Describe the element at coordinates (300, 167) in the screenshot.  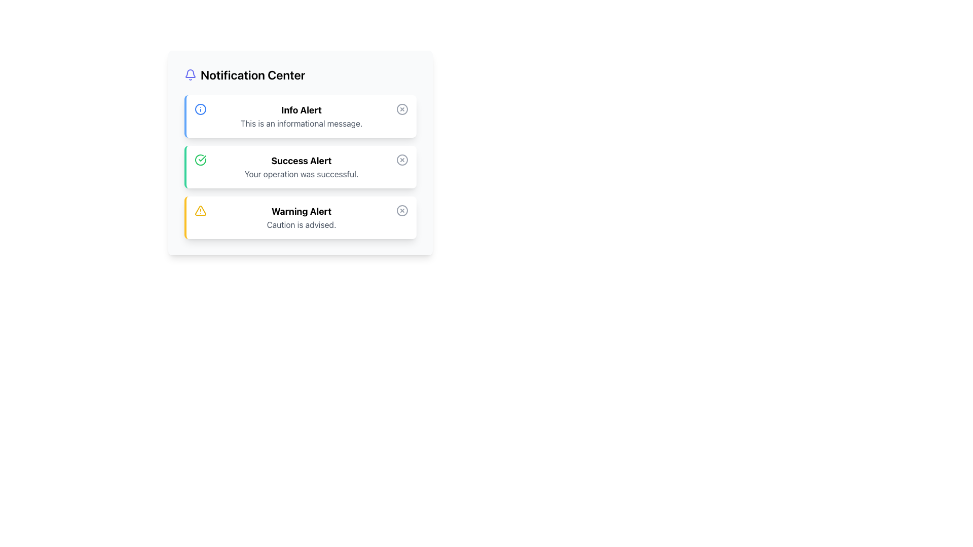
I see `the success message displayed in the second notification card with a white background and bold black text reading 'Success Alert'` at that location.